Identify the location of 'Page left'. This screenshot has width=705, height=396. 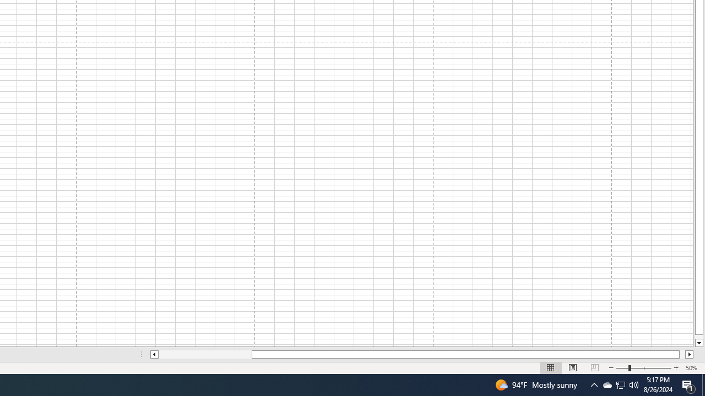
(205, 354).